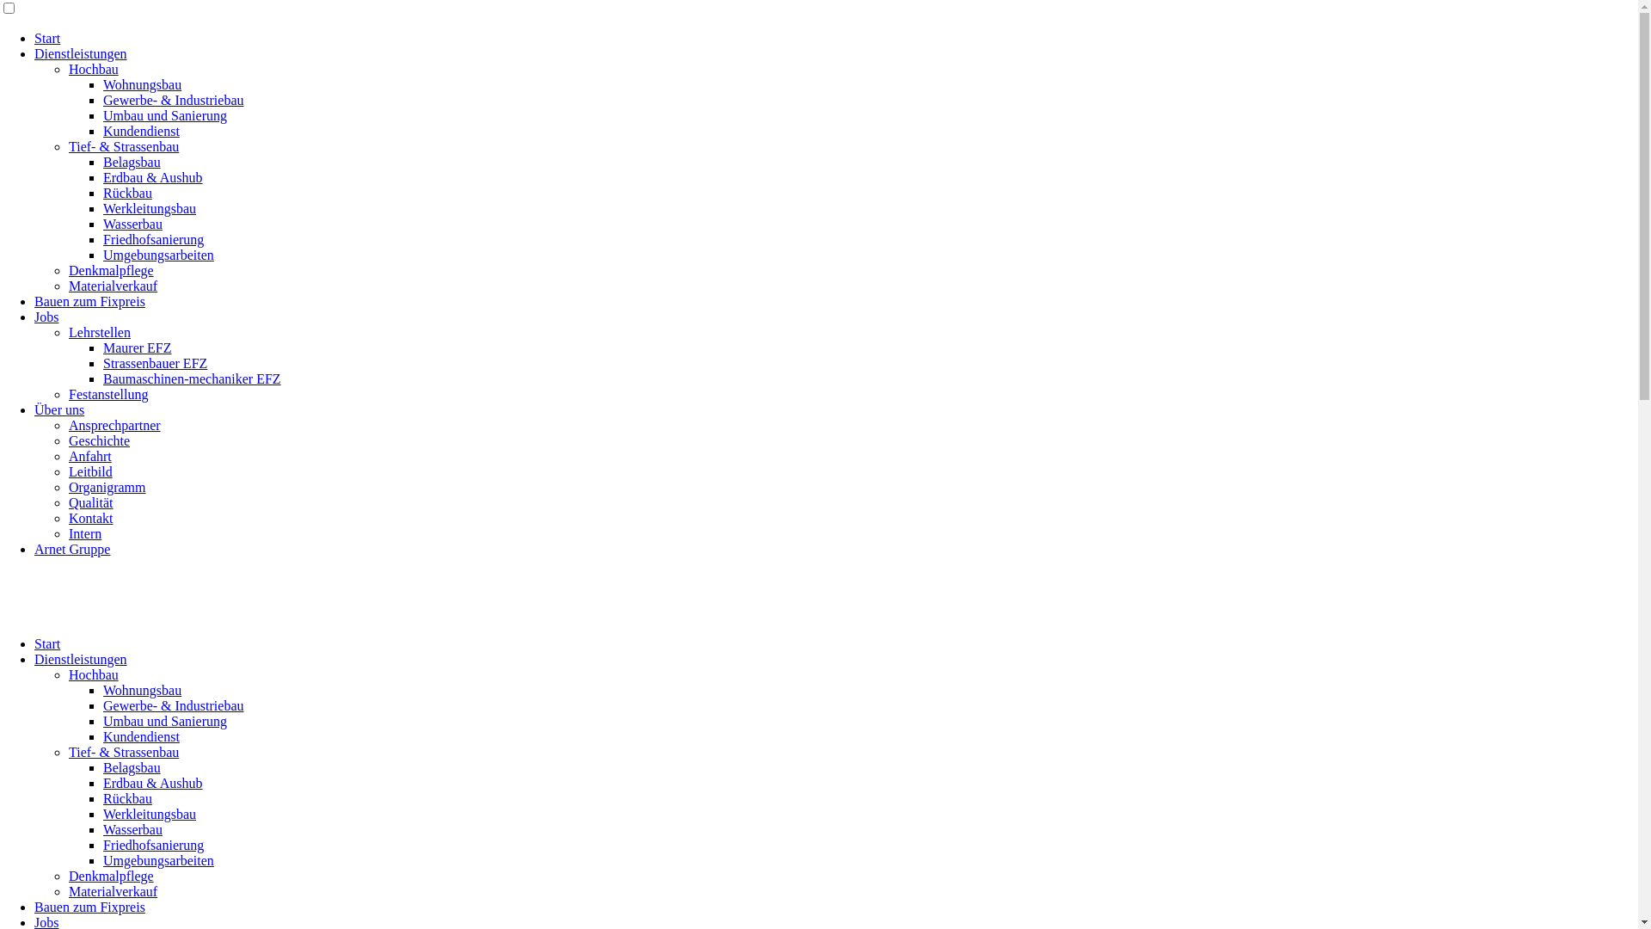 This screenshot has width=1651, height=929. What do you see at coordinates (34, 906) in the screenshot?
I see `'Bauen zum Fixpreis'` at bounding box center [34, 906].